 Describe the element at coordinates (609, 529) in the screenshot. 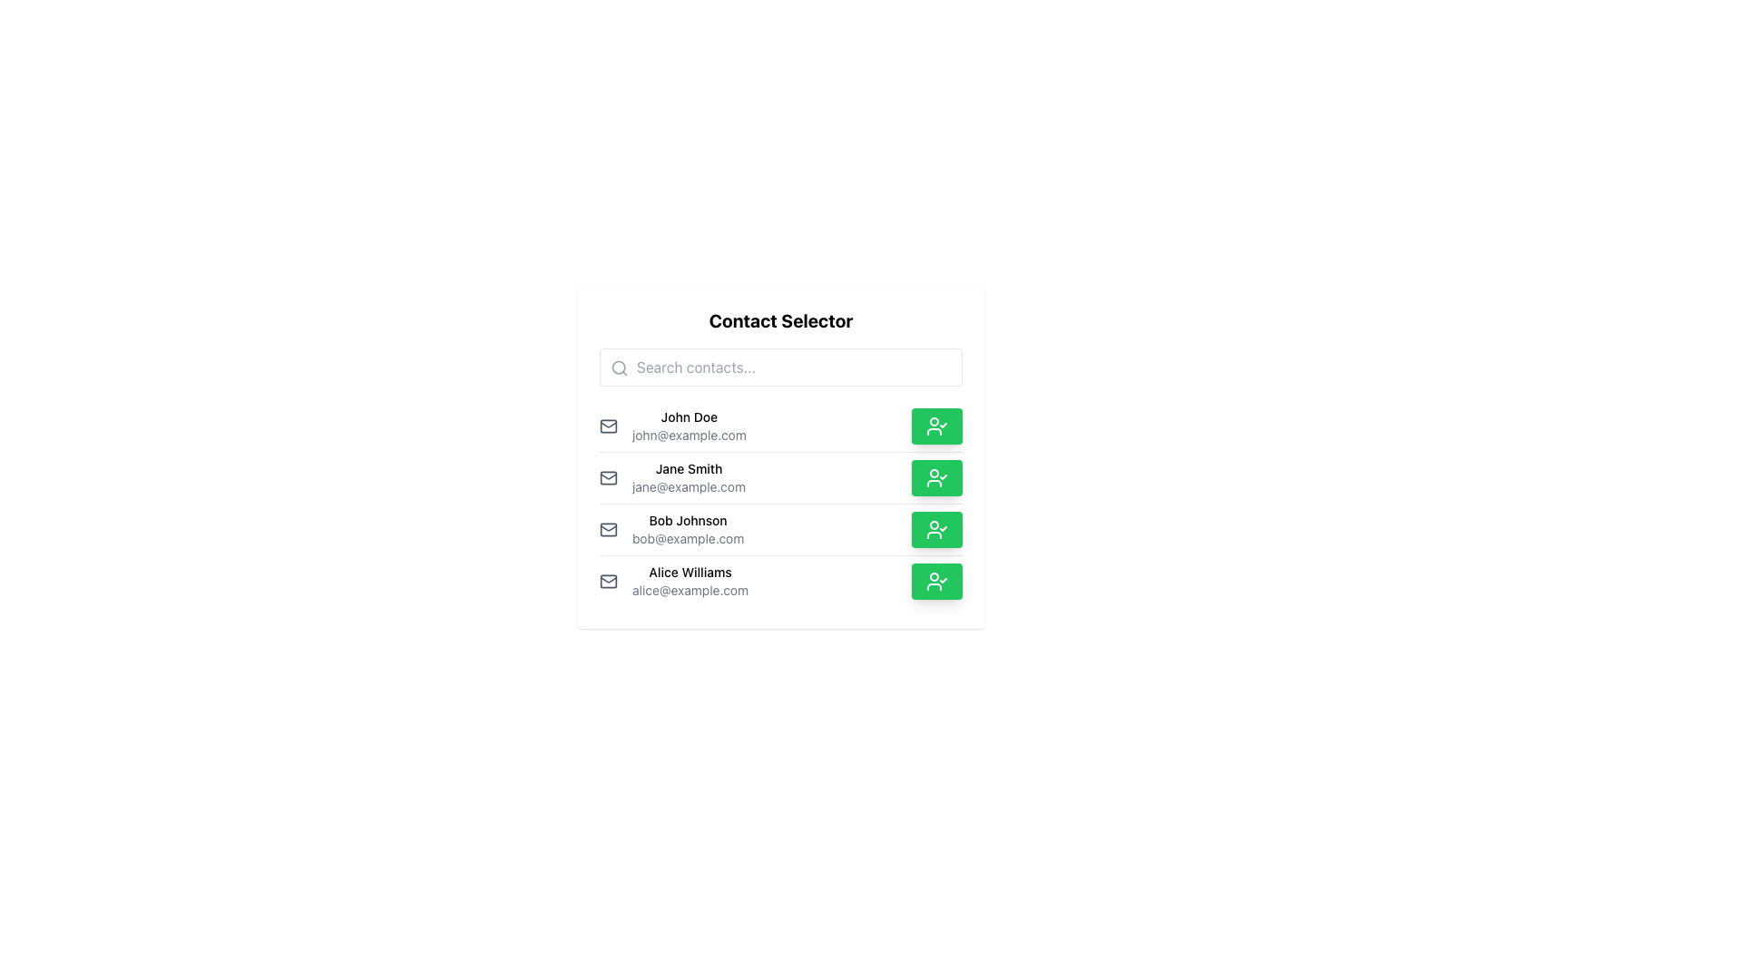

I see `the email icon associated with 'Bob Johnson' in the contact list, located to the left of 'bob@example.com'` at that location.